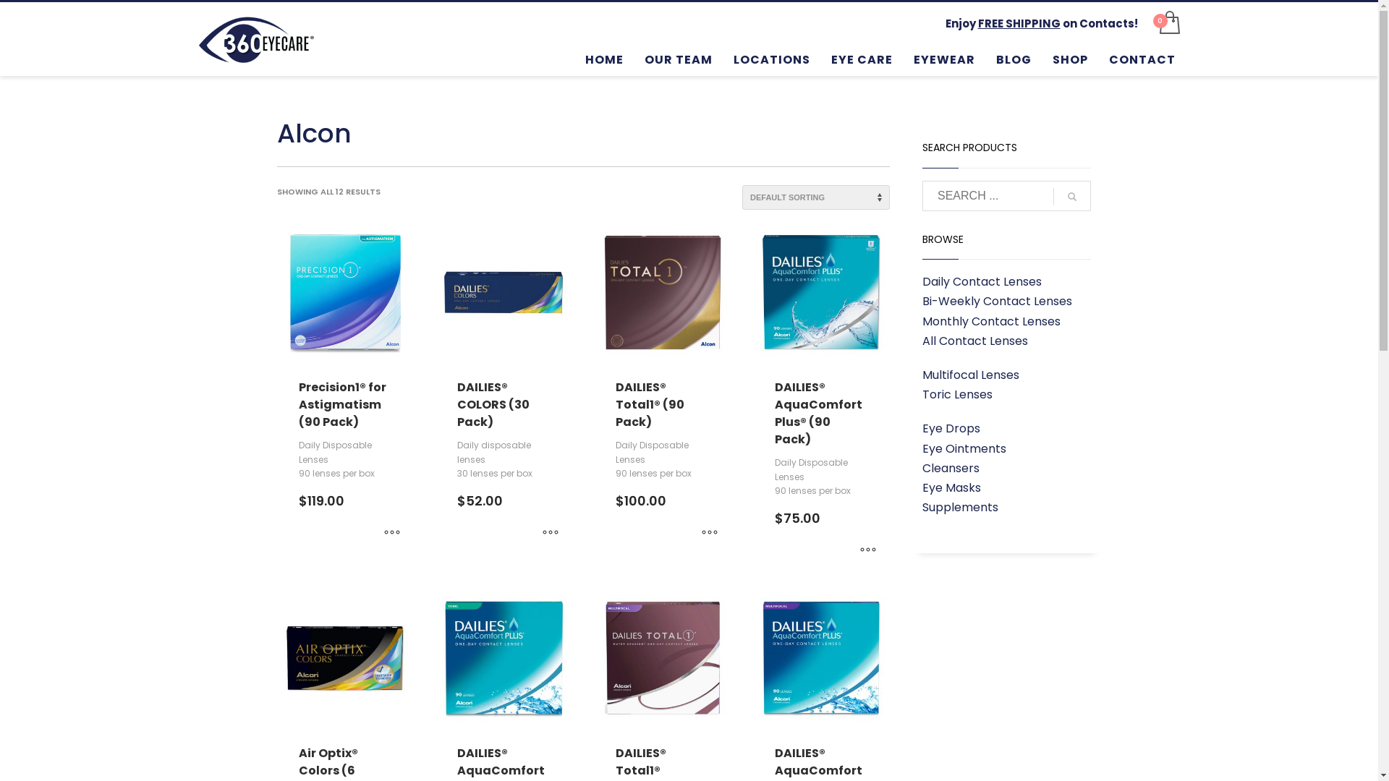 The width and height of the screenshot is (1389, 781). I want to click on 'Toric Lenses', so click(957, 394).